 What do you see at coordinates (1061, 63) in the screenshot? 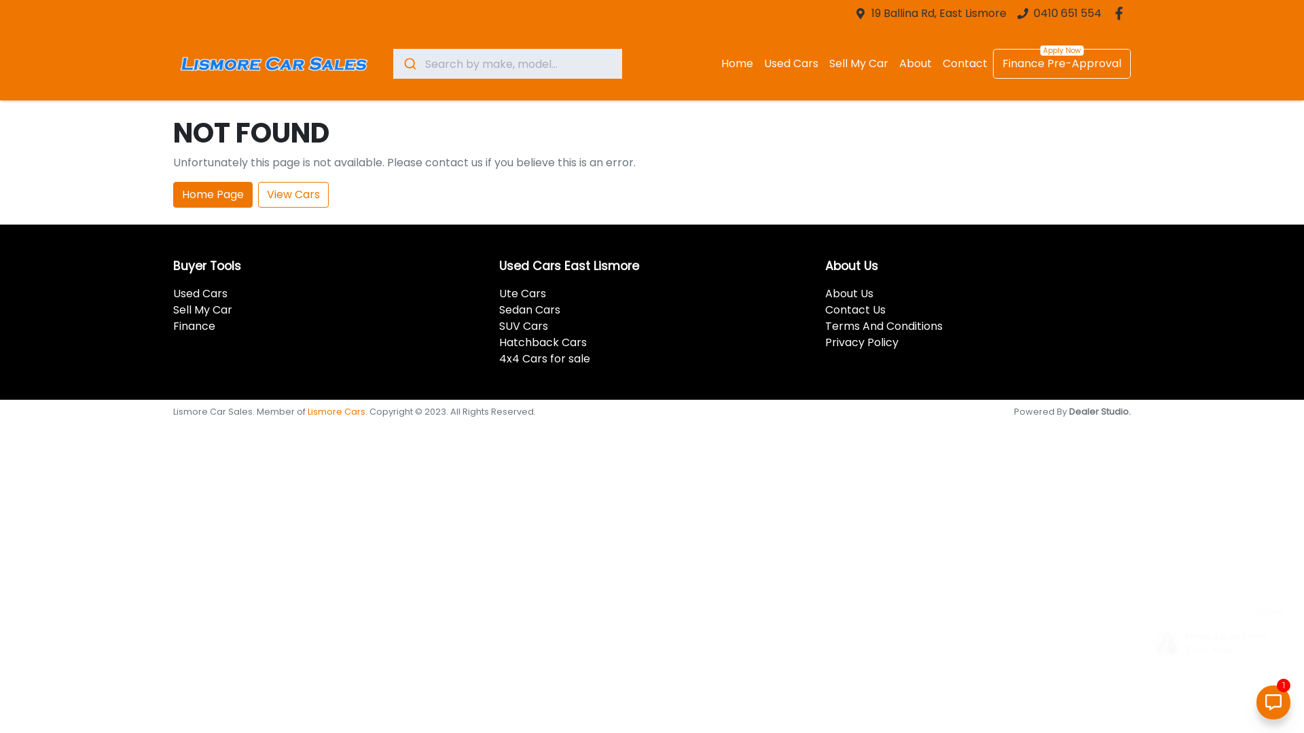
I see `'Finance Pre-Approval'` at bounding box center [1061, 63].